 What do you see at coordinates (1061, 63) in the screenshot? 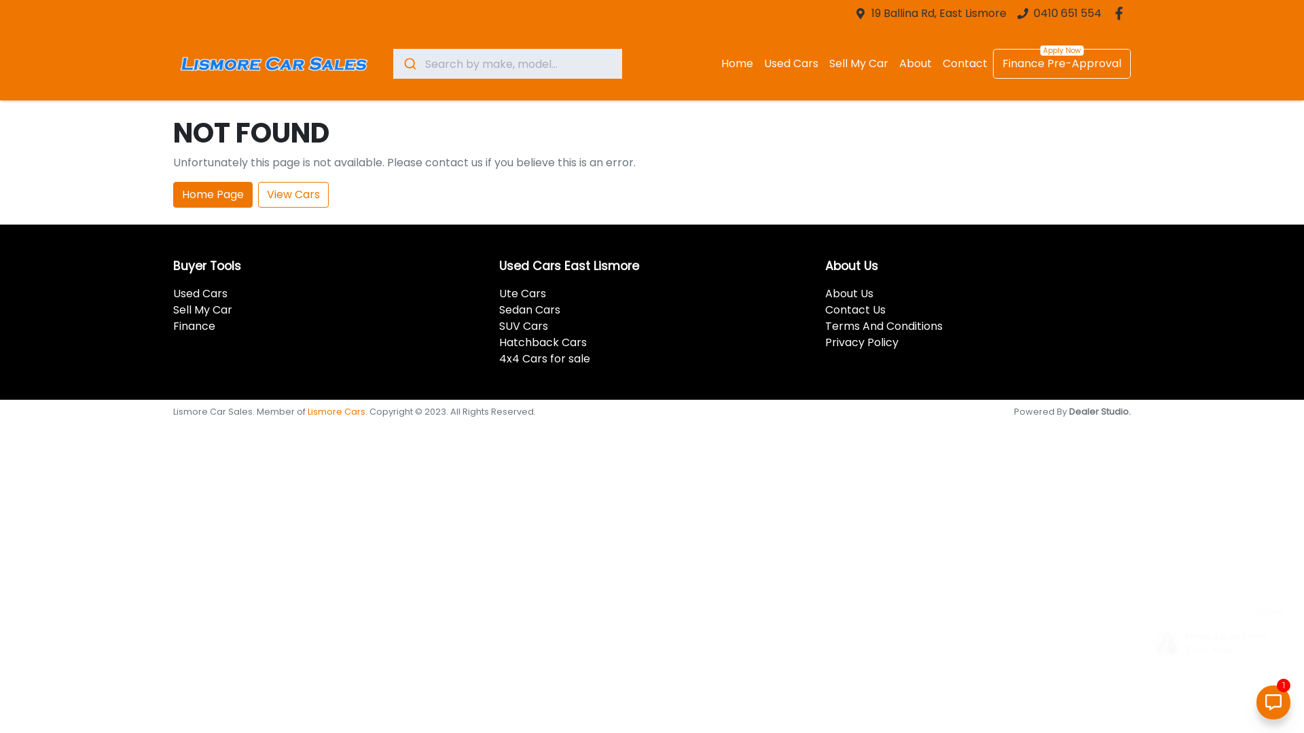
I see `'Finance Pre-Approval'` at bounding box center [1061, 63].